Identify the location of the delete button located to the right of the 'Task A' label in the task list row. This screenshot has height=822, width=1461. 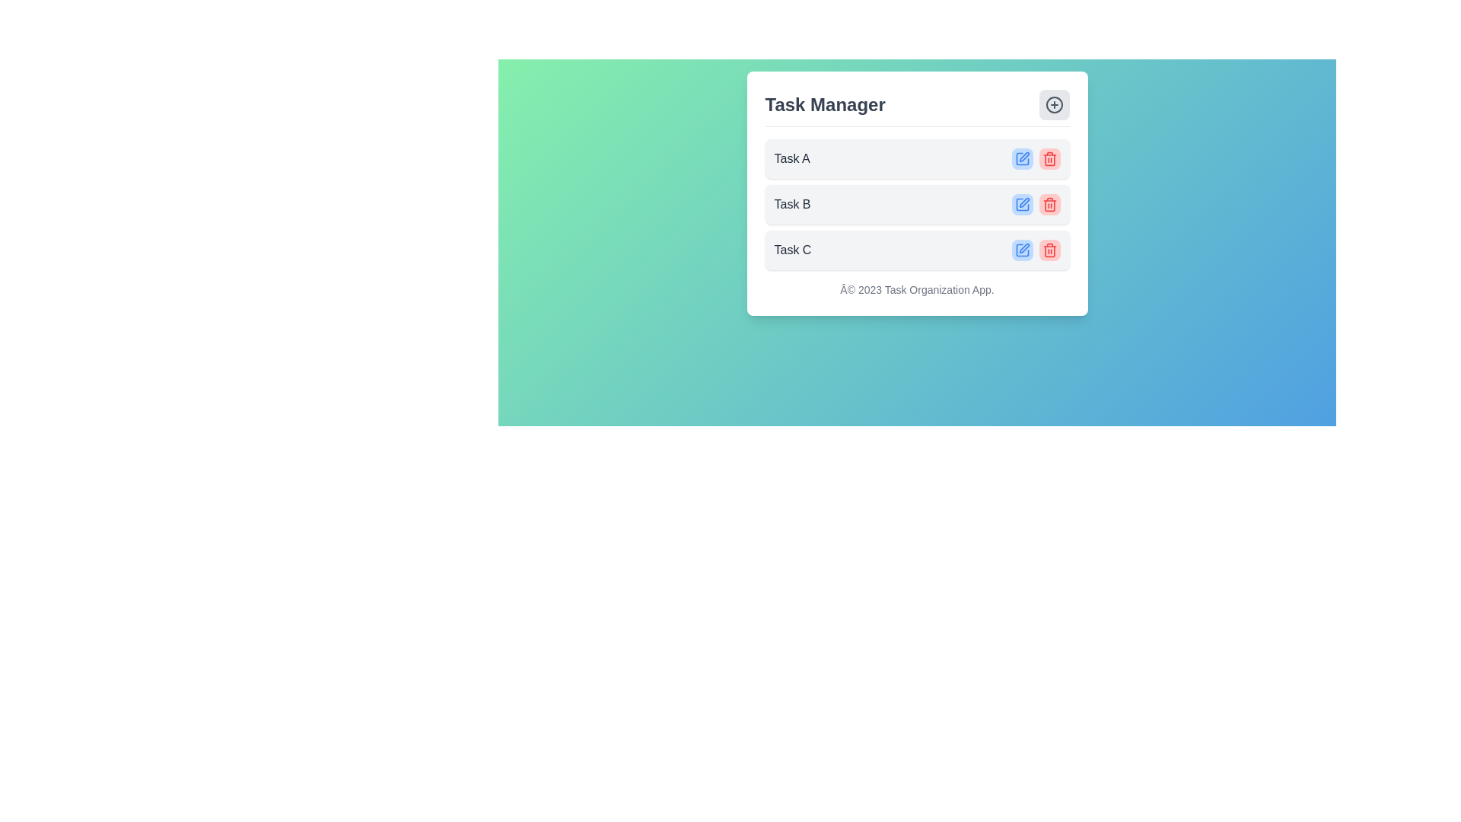
(1049, 158).